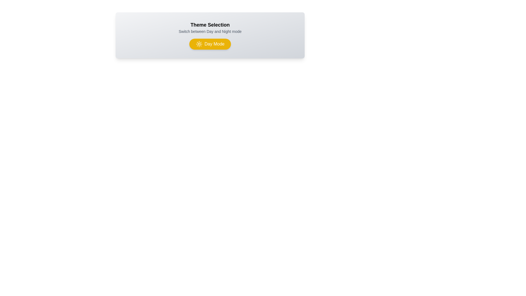 Image resolution: width=526 pixels, height=296 pixels. I want to click on the button labeled 'Day Mode' to switch to Night Mode, so click(210, 44).